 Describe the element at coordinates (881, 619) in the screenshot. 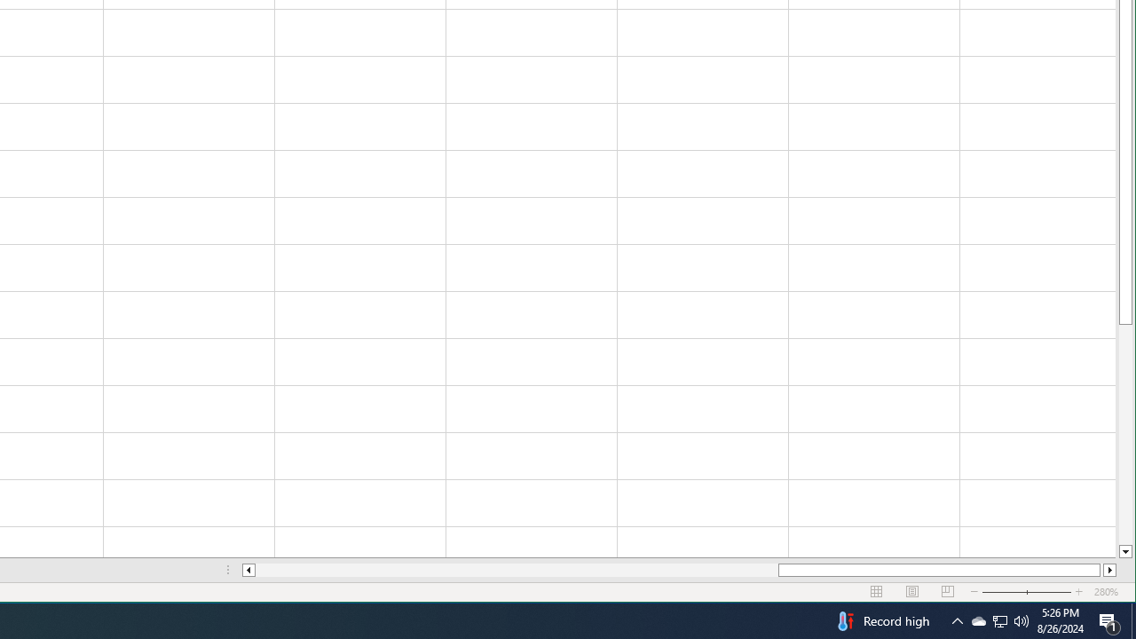

I see `'Record high'` at that location.